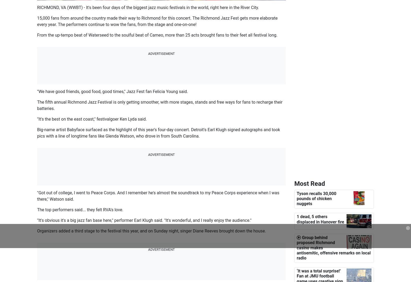 The width and height of the screenshot is (411, 282). I want to click on '"It's the best on the east coast," festivalgoer Ken Lyda said.', so click(91, 119).